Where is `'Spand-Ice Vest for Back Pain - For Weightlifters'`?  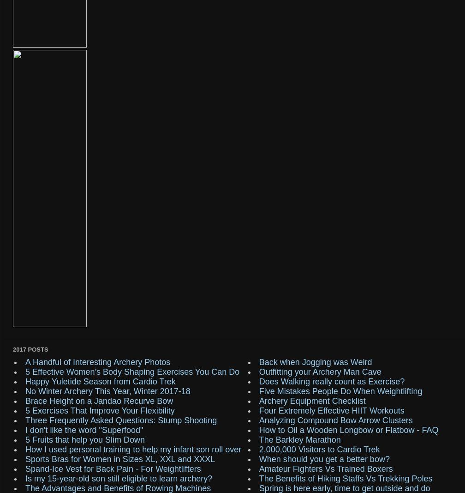
'Spand-Ice Vest for Back Pain - For Weightlifters' is located at coordinates (113, 468).